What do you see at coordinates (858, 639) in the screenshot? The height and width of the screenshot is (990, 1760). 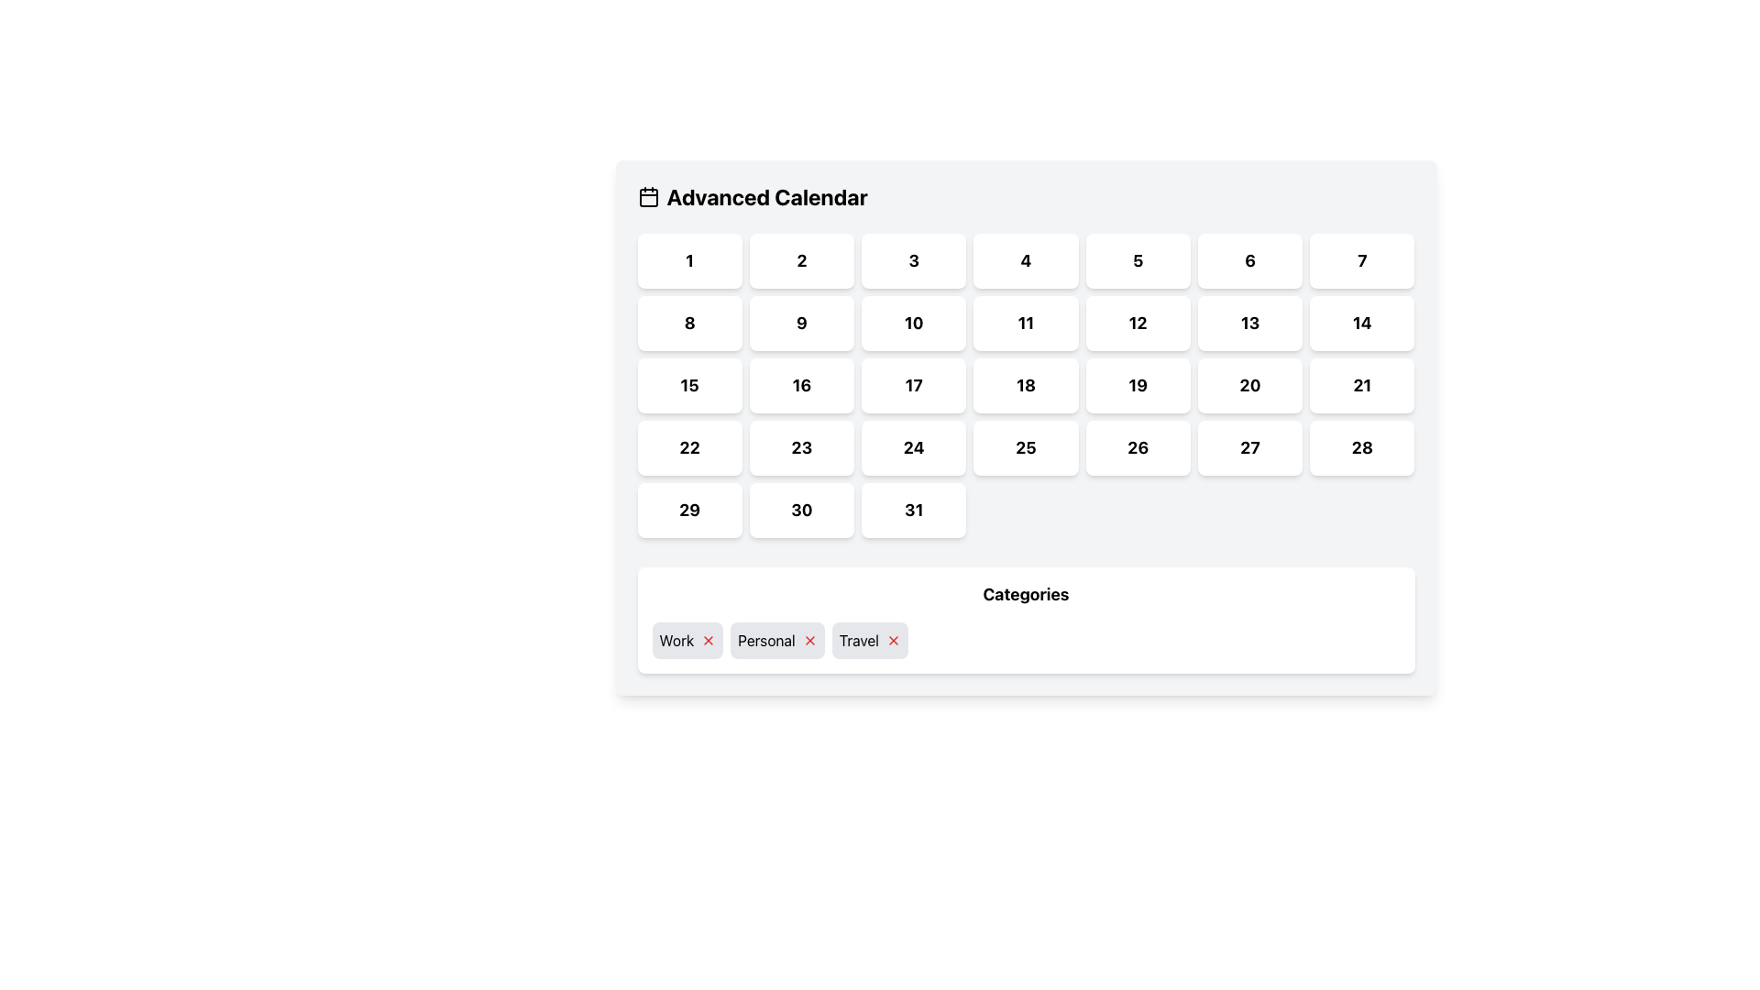 I see `the 'Travel' text label within the rounded tag component in the 'Categories' section` at bounding box center [858, 639].